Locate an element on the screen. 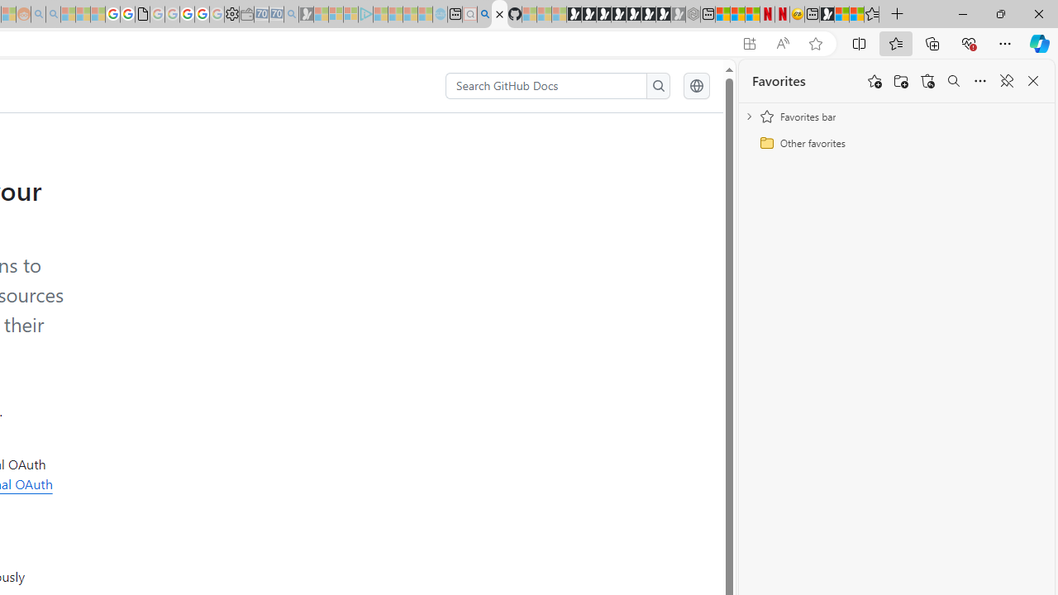 The height and width of the screenshot is (595, 1058). 'Cheap Car Rentals - Save70.com - Sleeping' is located at coordinates (276, 14).